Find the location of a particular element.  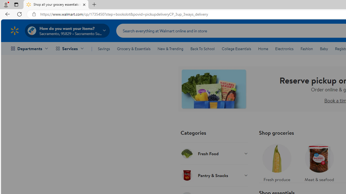

'College Essentials' is located at coordinates (236, 49).